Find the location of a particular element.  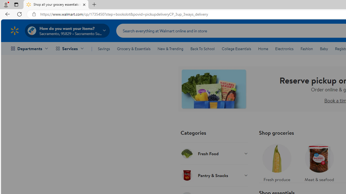

'College Essentials' is located at coordinates (236, 49).